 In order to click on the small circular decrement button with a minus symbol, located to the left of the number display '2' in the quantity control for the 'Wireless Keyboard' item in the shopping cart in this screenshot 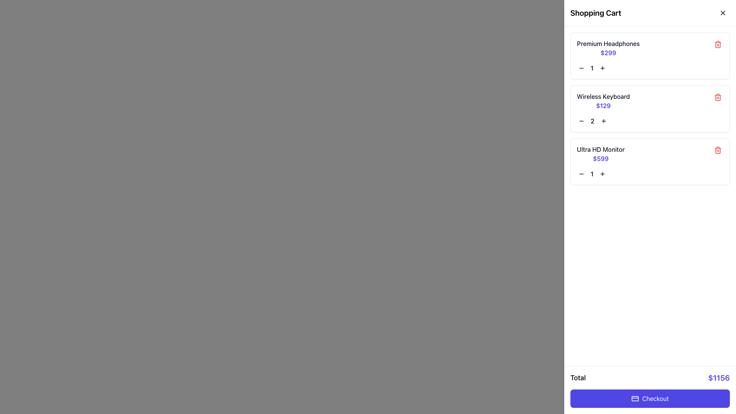, I will do `click(581, 121)`.